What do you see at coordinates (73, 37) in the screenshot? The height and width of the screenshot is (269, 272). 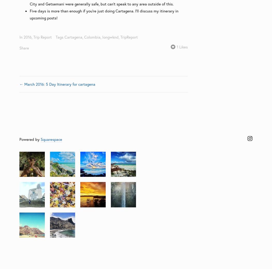 I see `'Cartagena'` at bounding box center [73, 37].